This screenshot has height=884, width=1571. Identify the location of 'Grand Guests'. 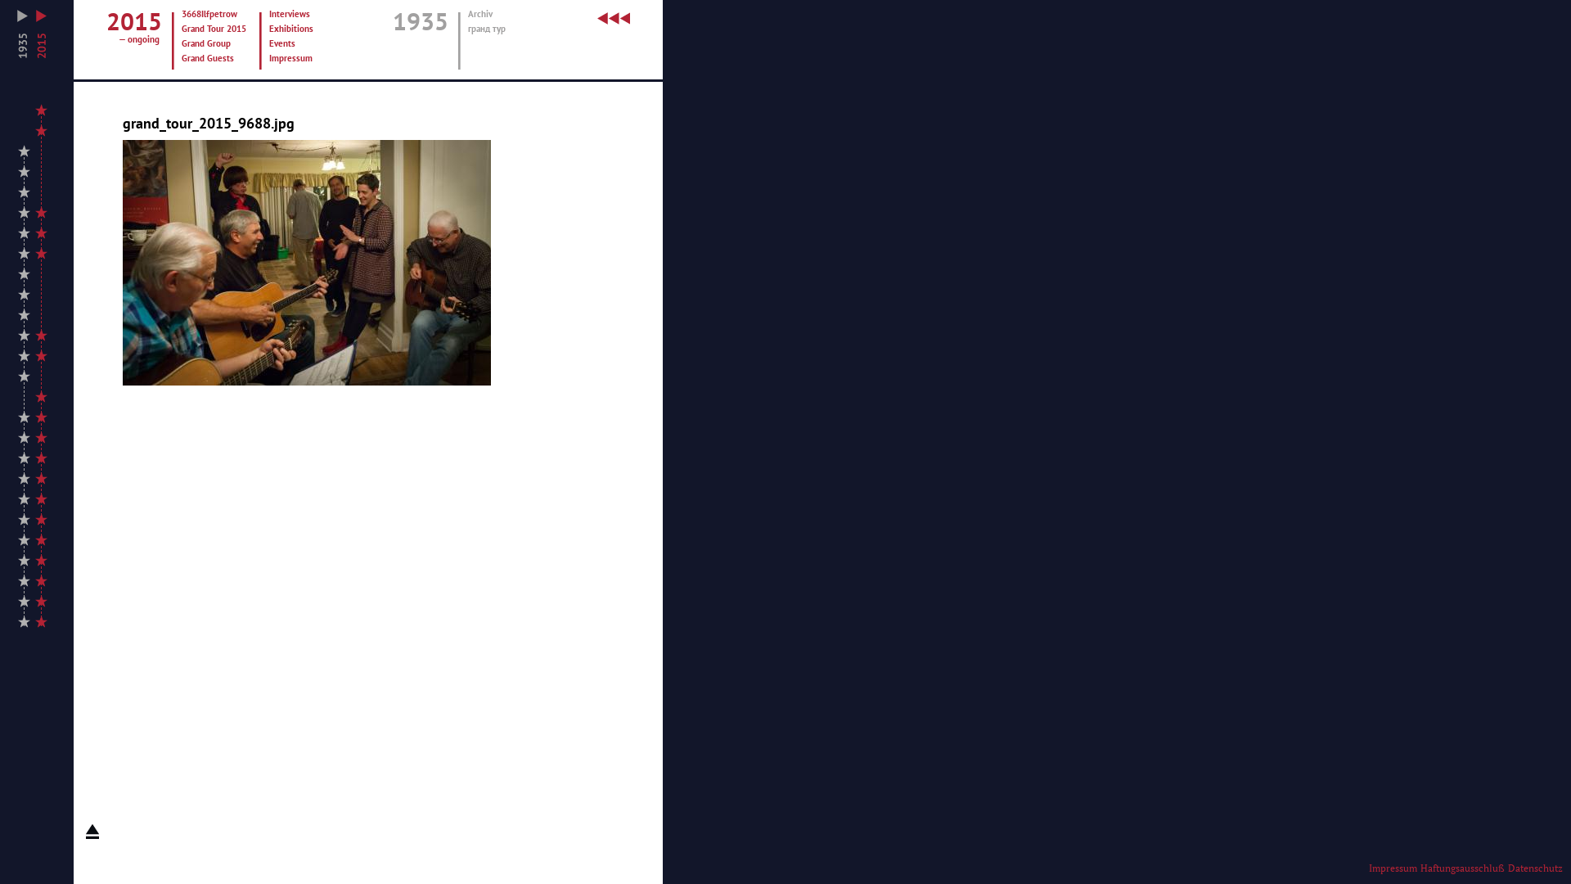
(214, 58).